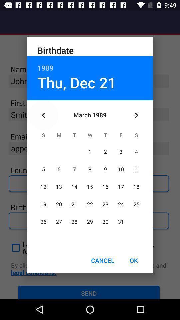 This screenshot has height=320, width=180. Describe the element at coordinates (43, 115) in the screenshot. I see `icon on the left` at that location.